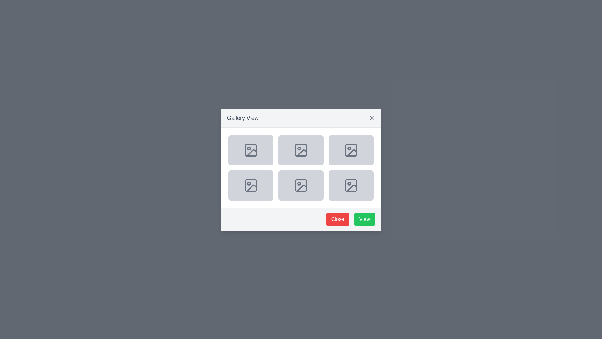 This screenshot has height=339, width=602. Describe the element at coordinates (251, 150) in the screenshot. I see `the button` at that location.